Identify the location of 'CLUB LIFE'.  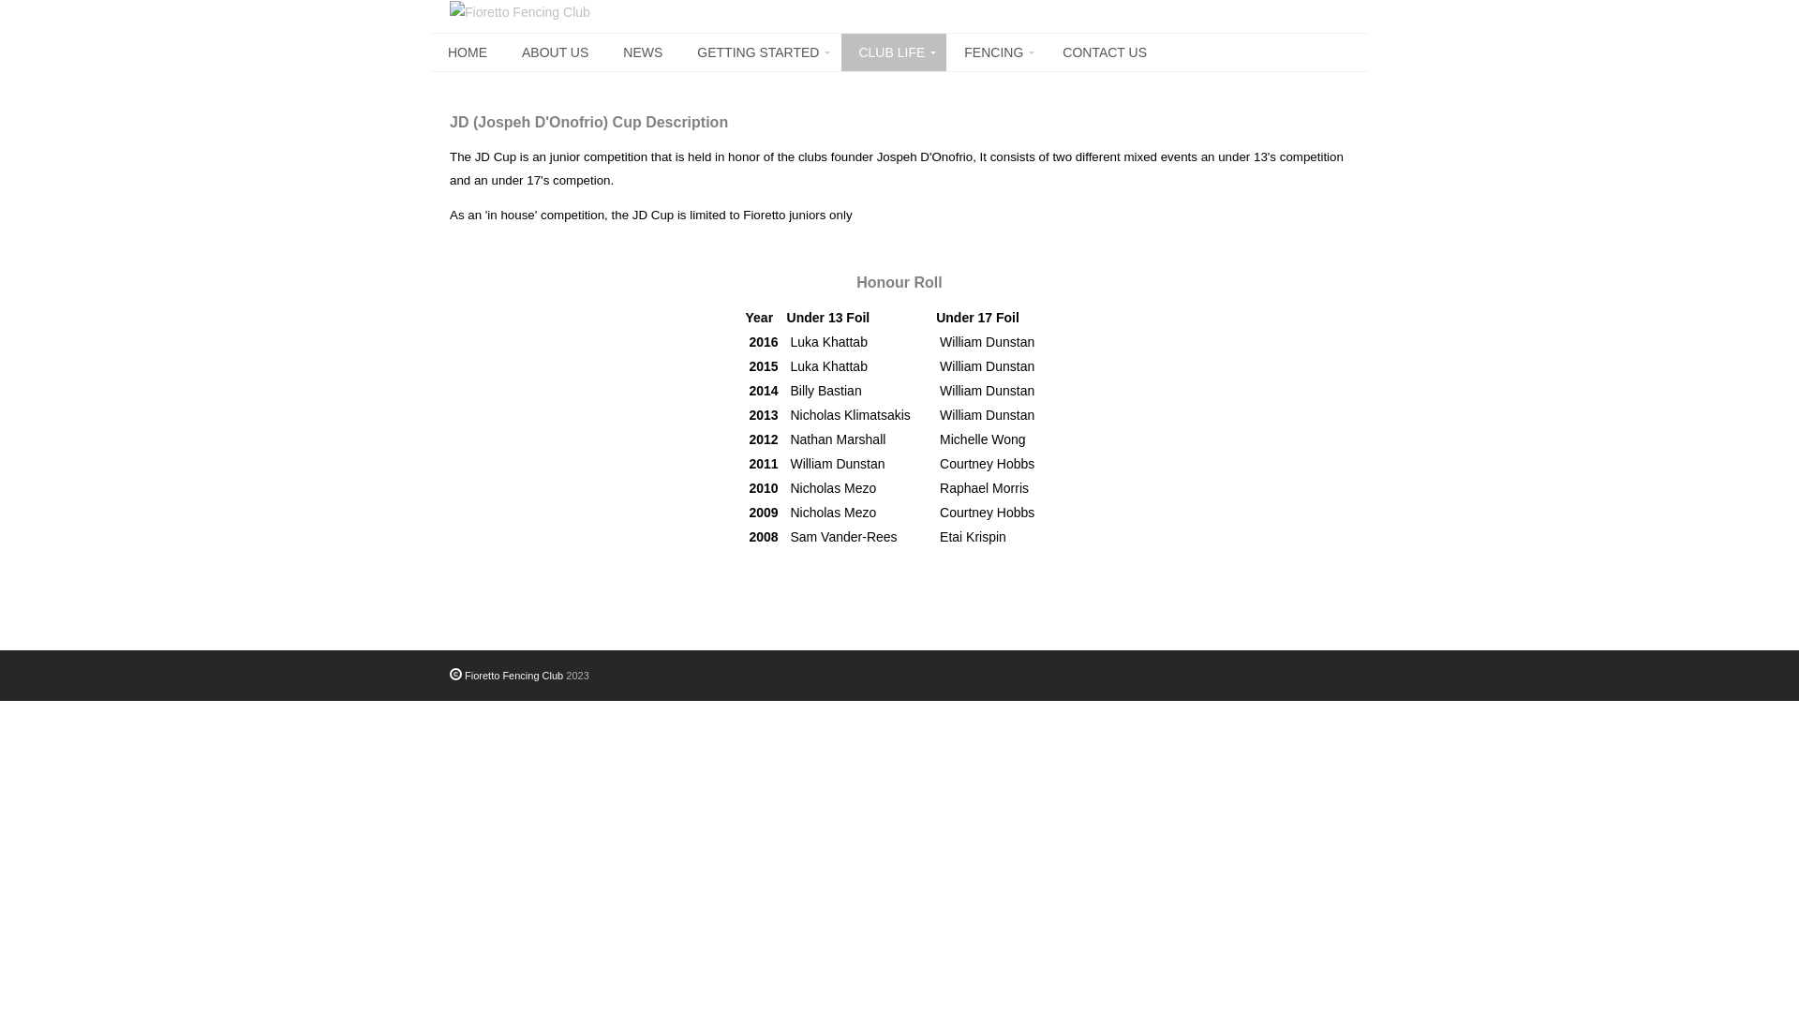
(893, 52).